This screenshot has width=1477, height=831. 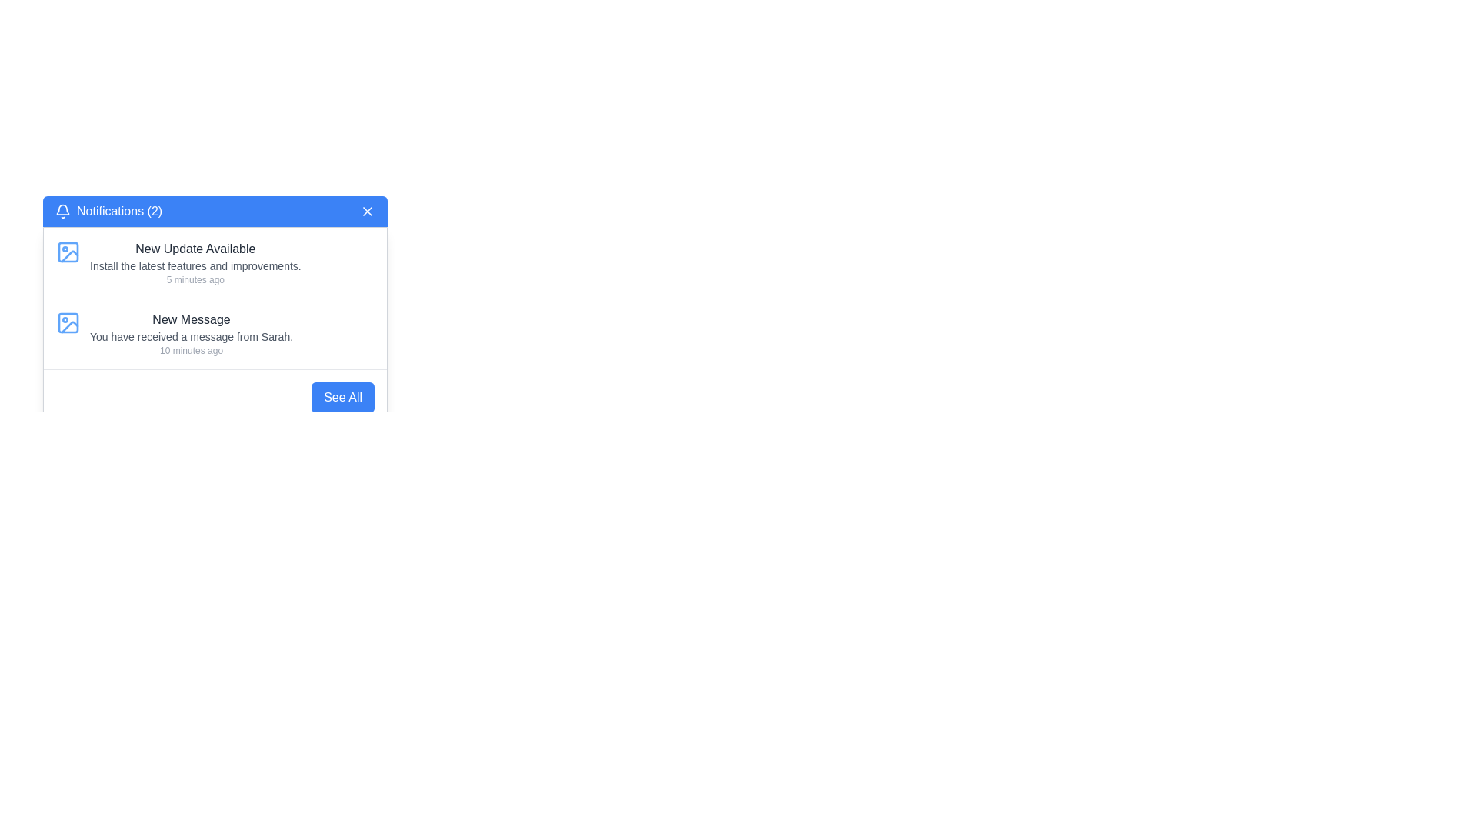 What do you see at coordinates (195, 262) in the screenshot?
I see `the first notification card component in the notifications panel that informs users about a new update, located above the 'New Message' notification` at bounding box center [195, 262].